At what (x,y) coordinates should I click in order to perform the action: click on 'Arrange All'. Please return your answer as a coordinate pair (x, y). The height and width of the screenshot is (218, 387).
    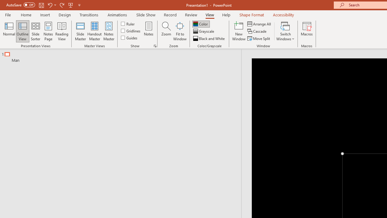
    Looking at the image, I should click on (259, 24).